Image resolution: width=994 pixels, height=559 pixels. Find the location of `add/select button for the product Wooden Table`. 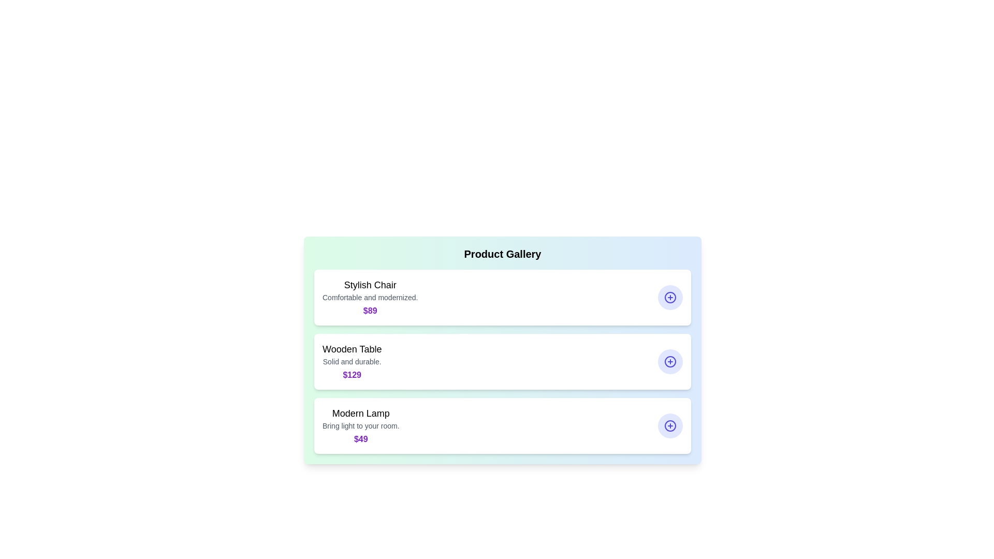

add/select button for the product Wooden Table is located at coordinates (670, 361).